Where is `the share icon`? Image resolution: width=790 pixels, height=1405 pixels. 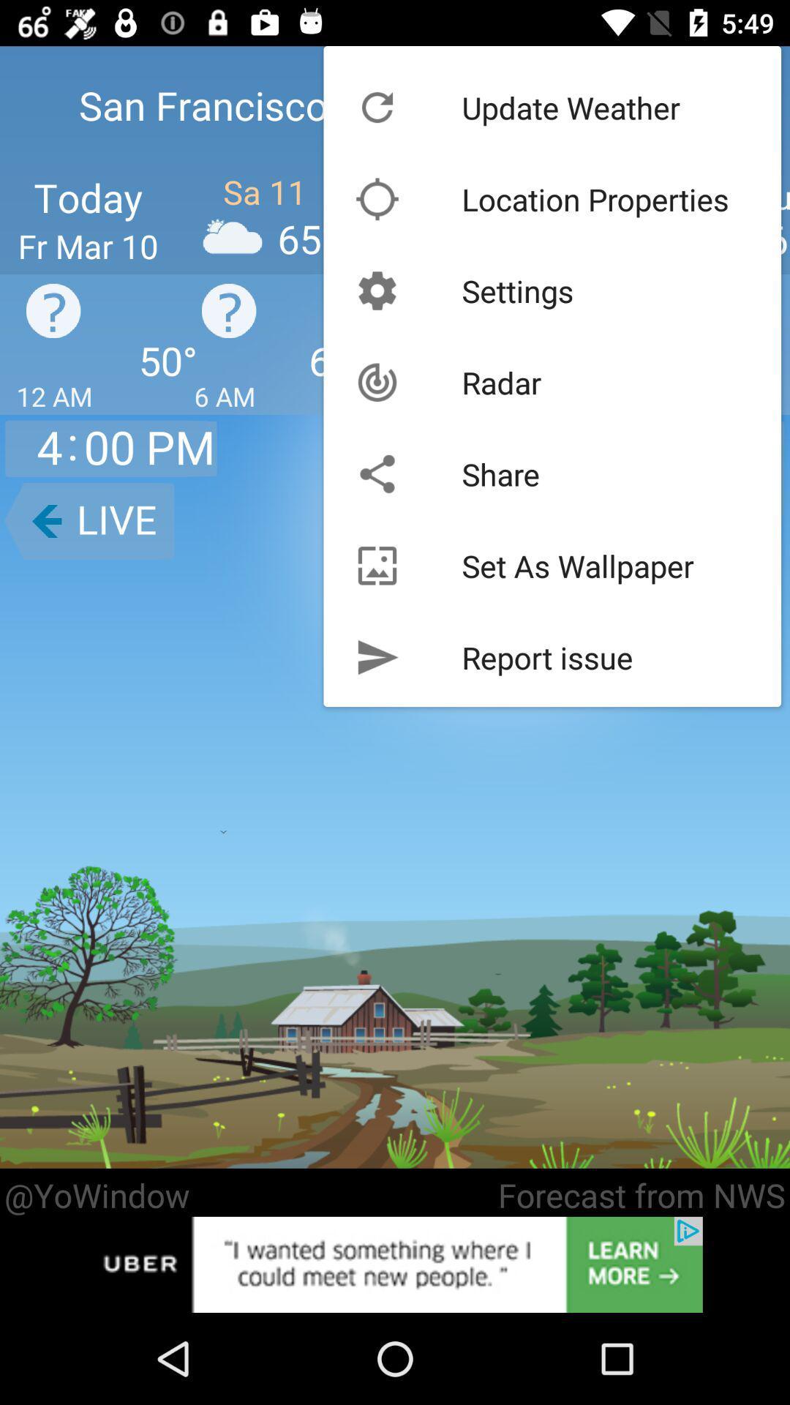
the share icon is located at coordinates (500, 474).